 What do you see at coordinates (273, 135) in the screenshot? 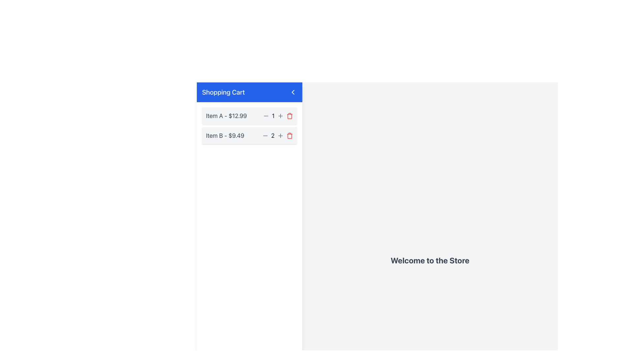
I see `the quantity display for 'Item B - $9.49' in the shopping cart, located between the decrement and increment buttons in the second row` at bounding box center [273, 135].